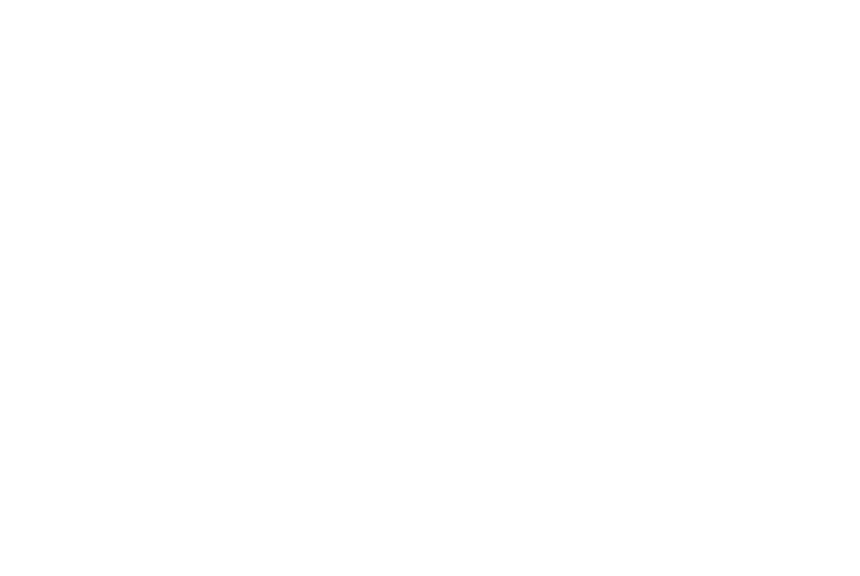 This screenshot has height=576, width=860. I want to click on 'Cookie Policy', so click(684, 453).